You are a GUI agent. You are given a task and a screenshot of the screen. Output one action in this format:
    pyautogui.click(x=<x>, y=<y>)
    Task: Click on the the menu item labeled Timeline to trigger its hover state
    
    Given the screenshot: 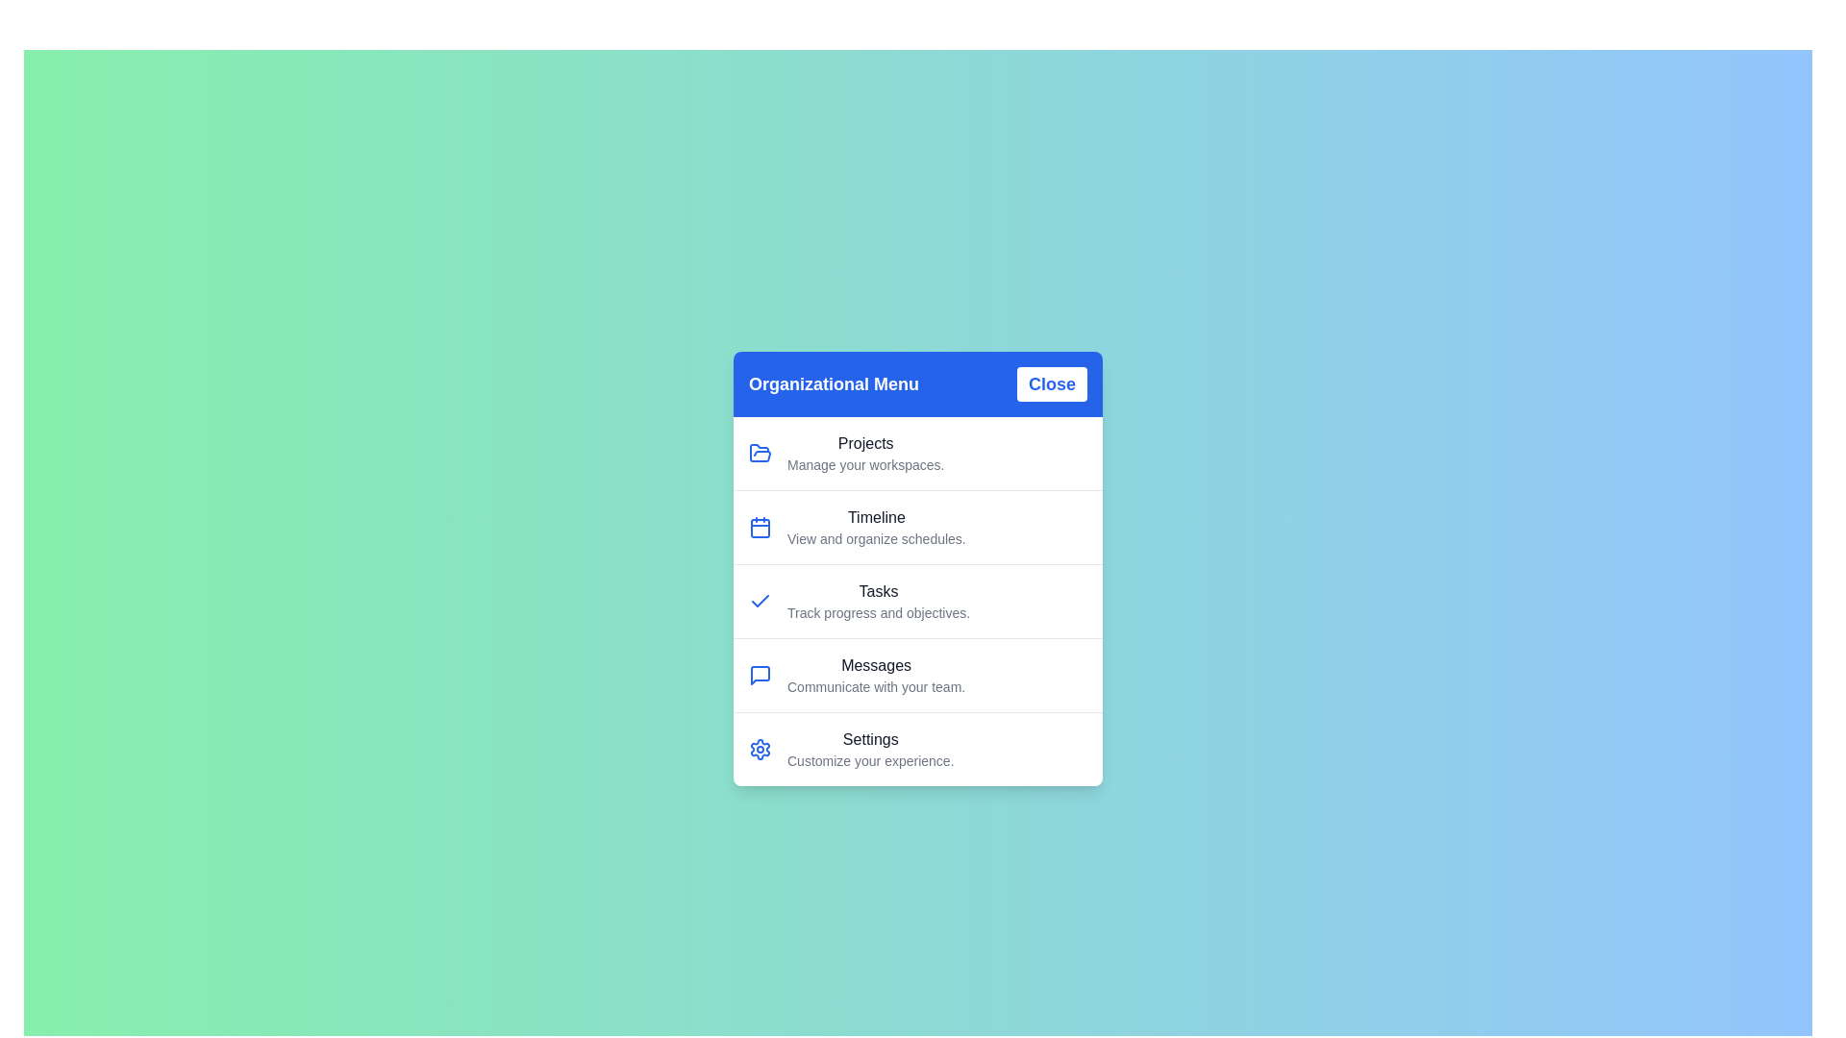 What is the action you would take?
    pyautogui.click(x=917, y=526)
    